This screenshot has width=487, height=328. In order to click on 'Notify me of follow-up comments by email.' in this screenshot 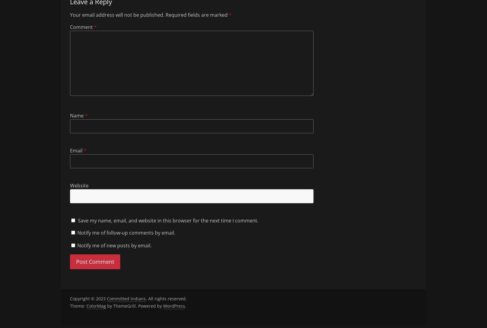, I will do `click(126, 232)`.